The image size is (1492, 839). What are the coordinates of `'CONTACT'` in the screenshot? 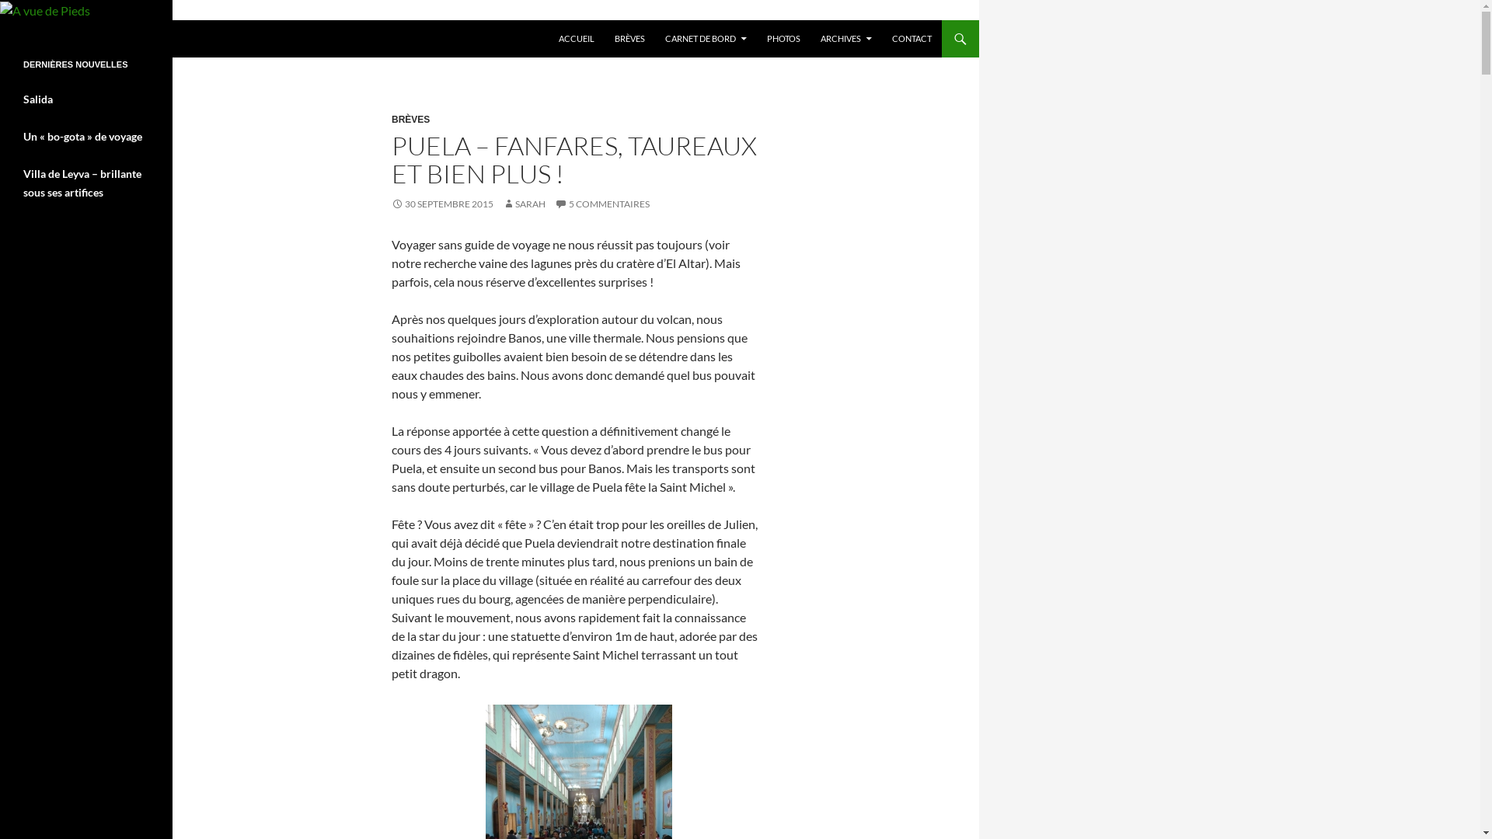 It's located at (912, 38).